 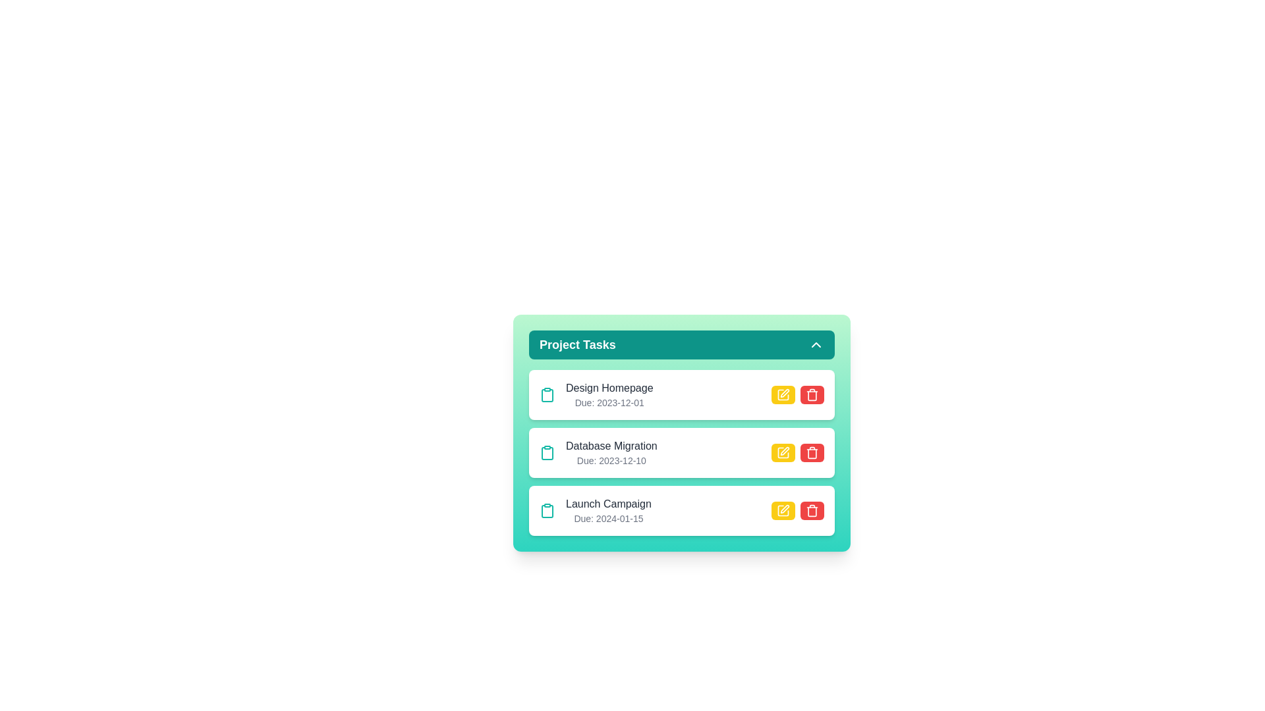 What do you see at coordinates (812, 394) in the screenshot?
I see `the delete button for the task 'Design Homepage'` at bounding box center [812, 394].